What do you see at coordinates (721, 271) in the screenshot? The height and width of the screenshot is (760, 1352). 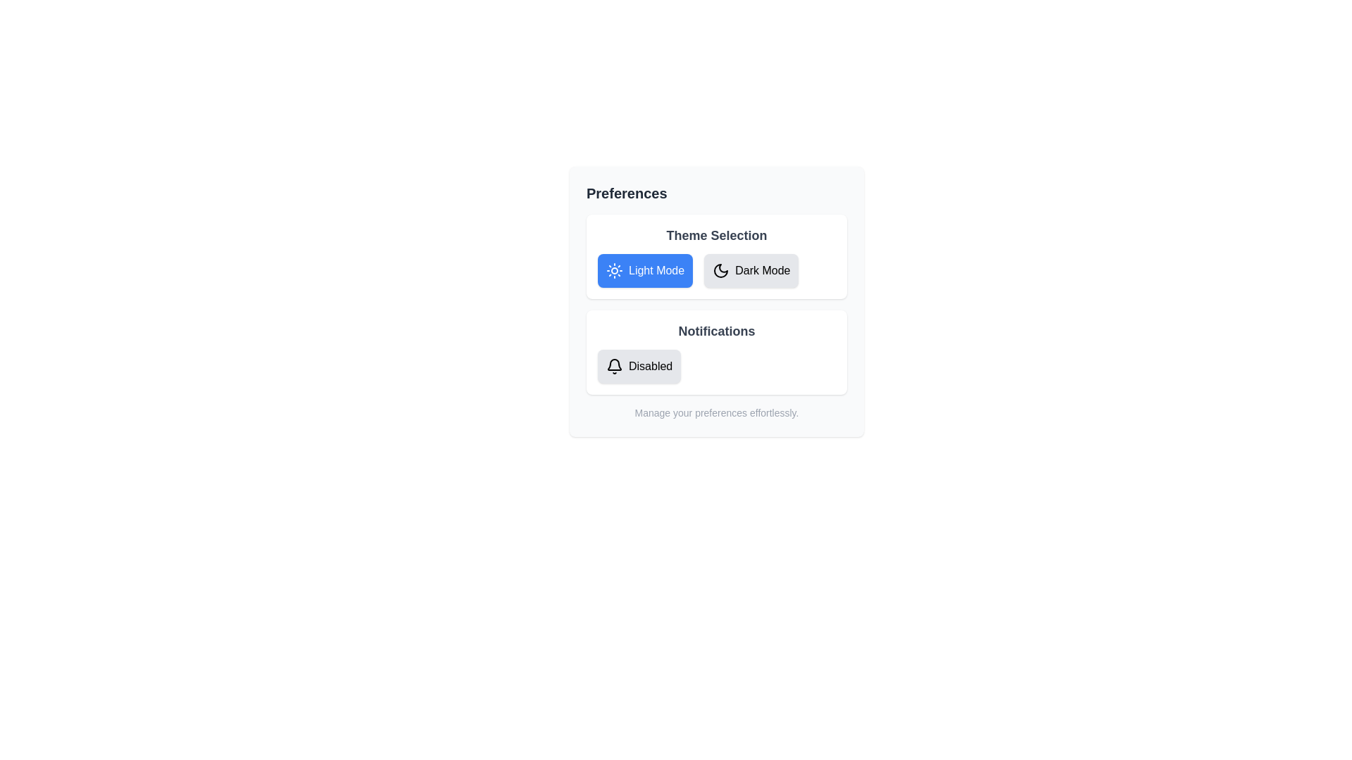 I see `the crescent moon icon in the 'Dark Mode' section of the 'Theme Selection'` at bounding box center [721, 271].